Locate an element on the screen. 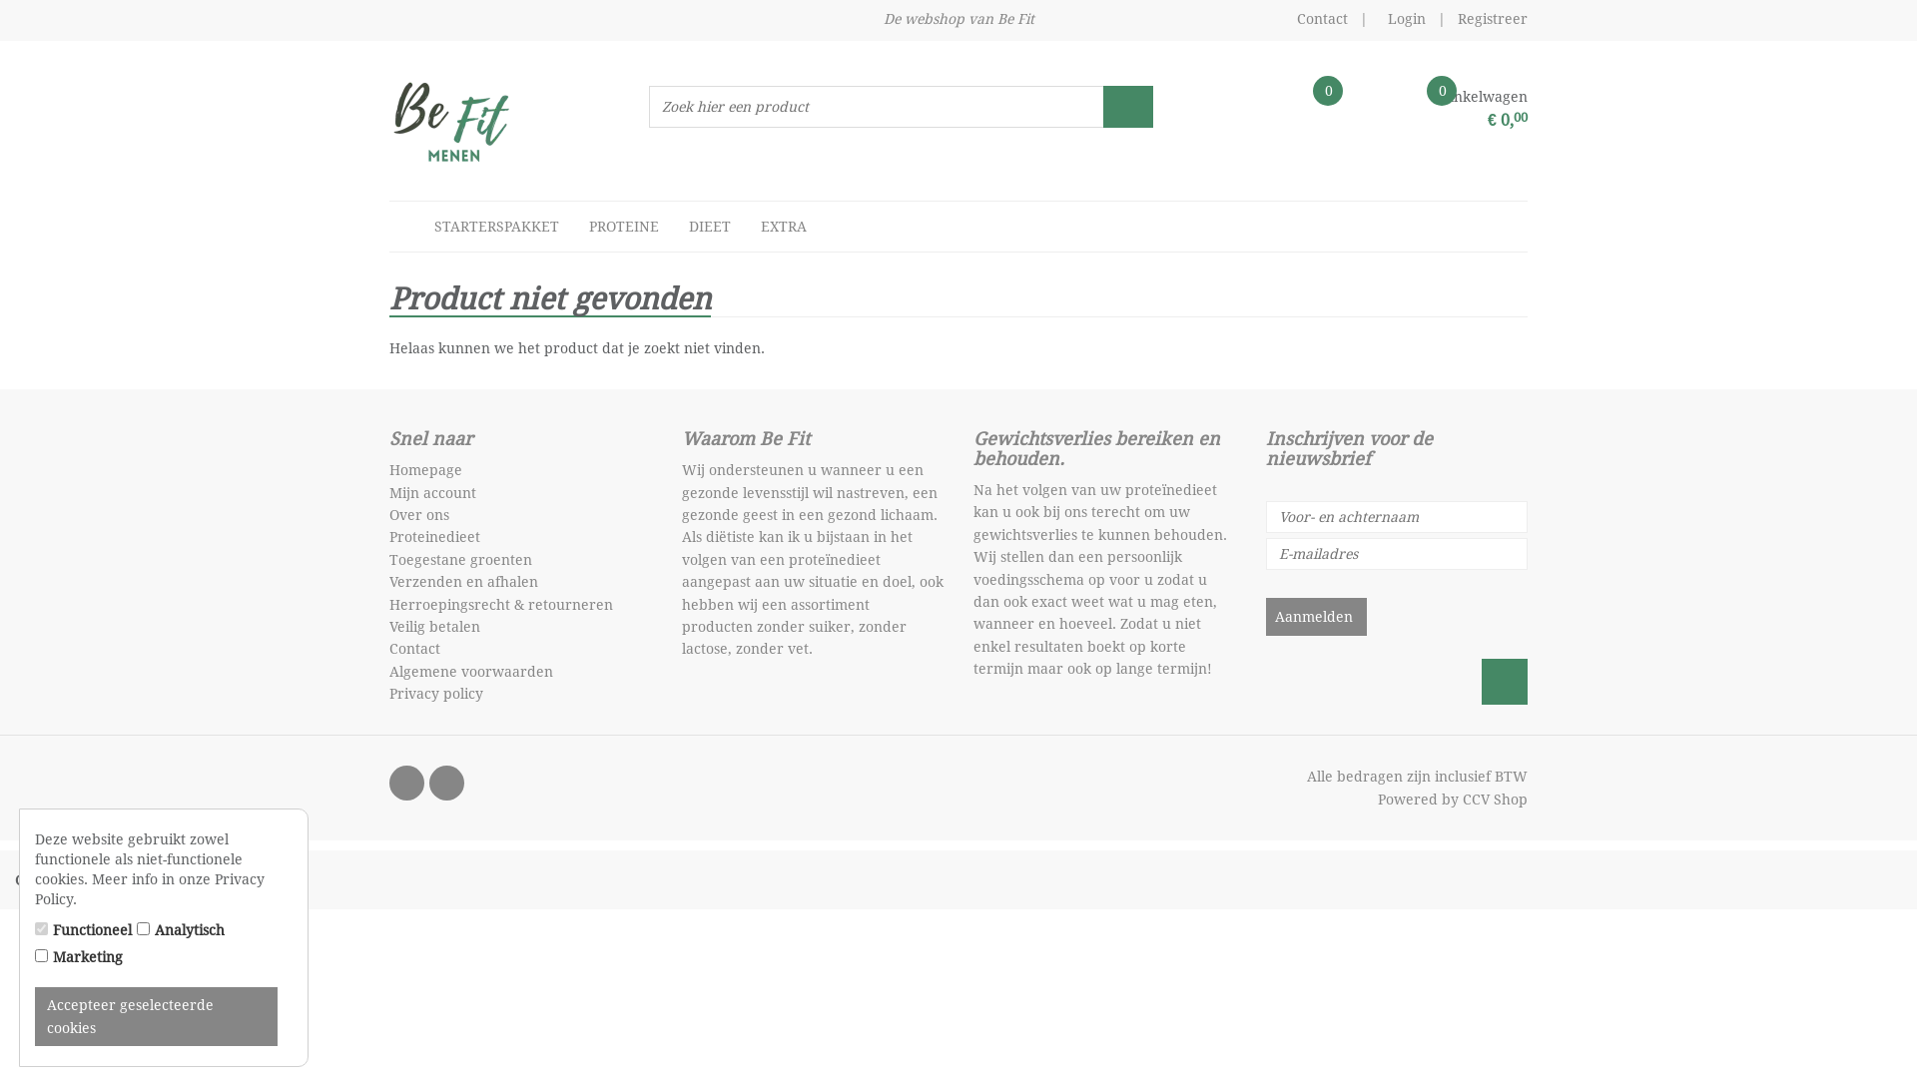 The width and height of the screenshot is (1917, 1078). 'Toegestane groenten' is located at coordinates (459, 559).